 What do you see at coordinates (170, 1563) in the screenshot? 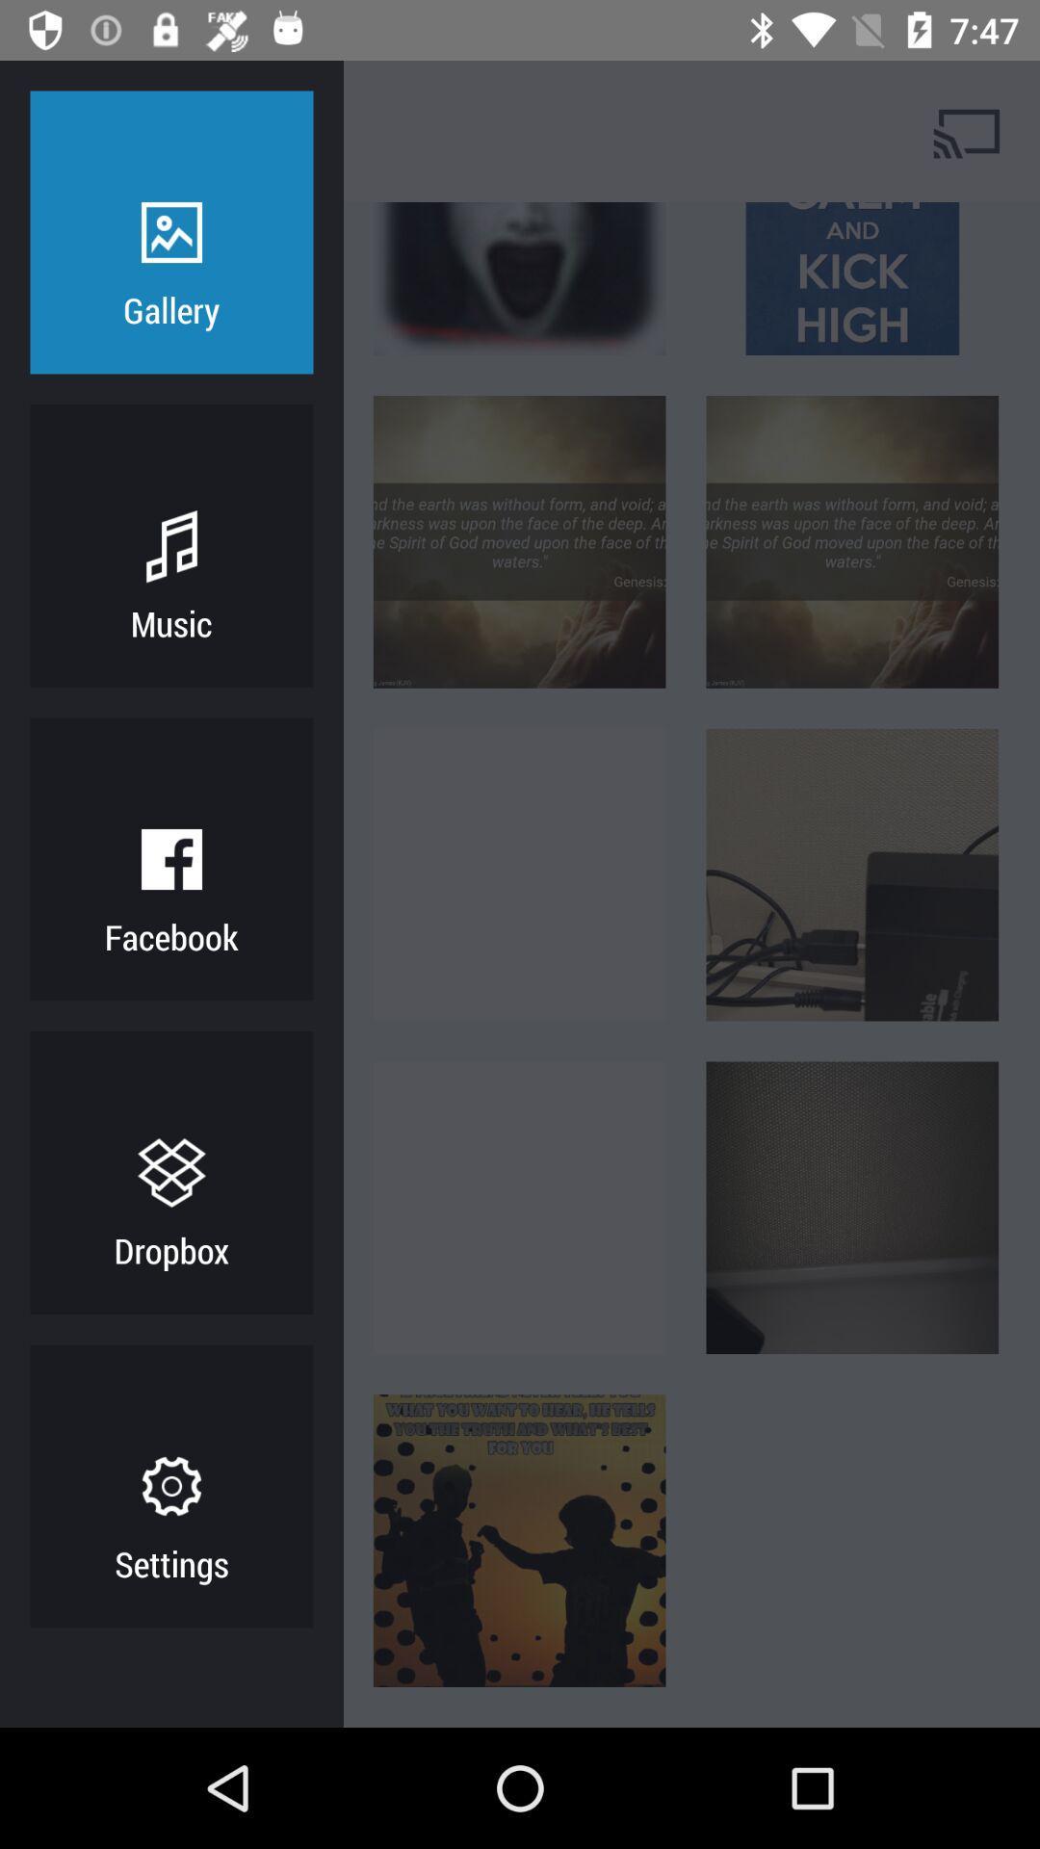
I see `the settings app` at bounding box center [170, 1563].